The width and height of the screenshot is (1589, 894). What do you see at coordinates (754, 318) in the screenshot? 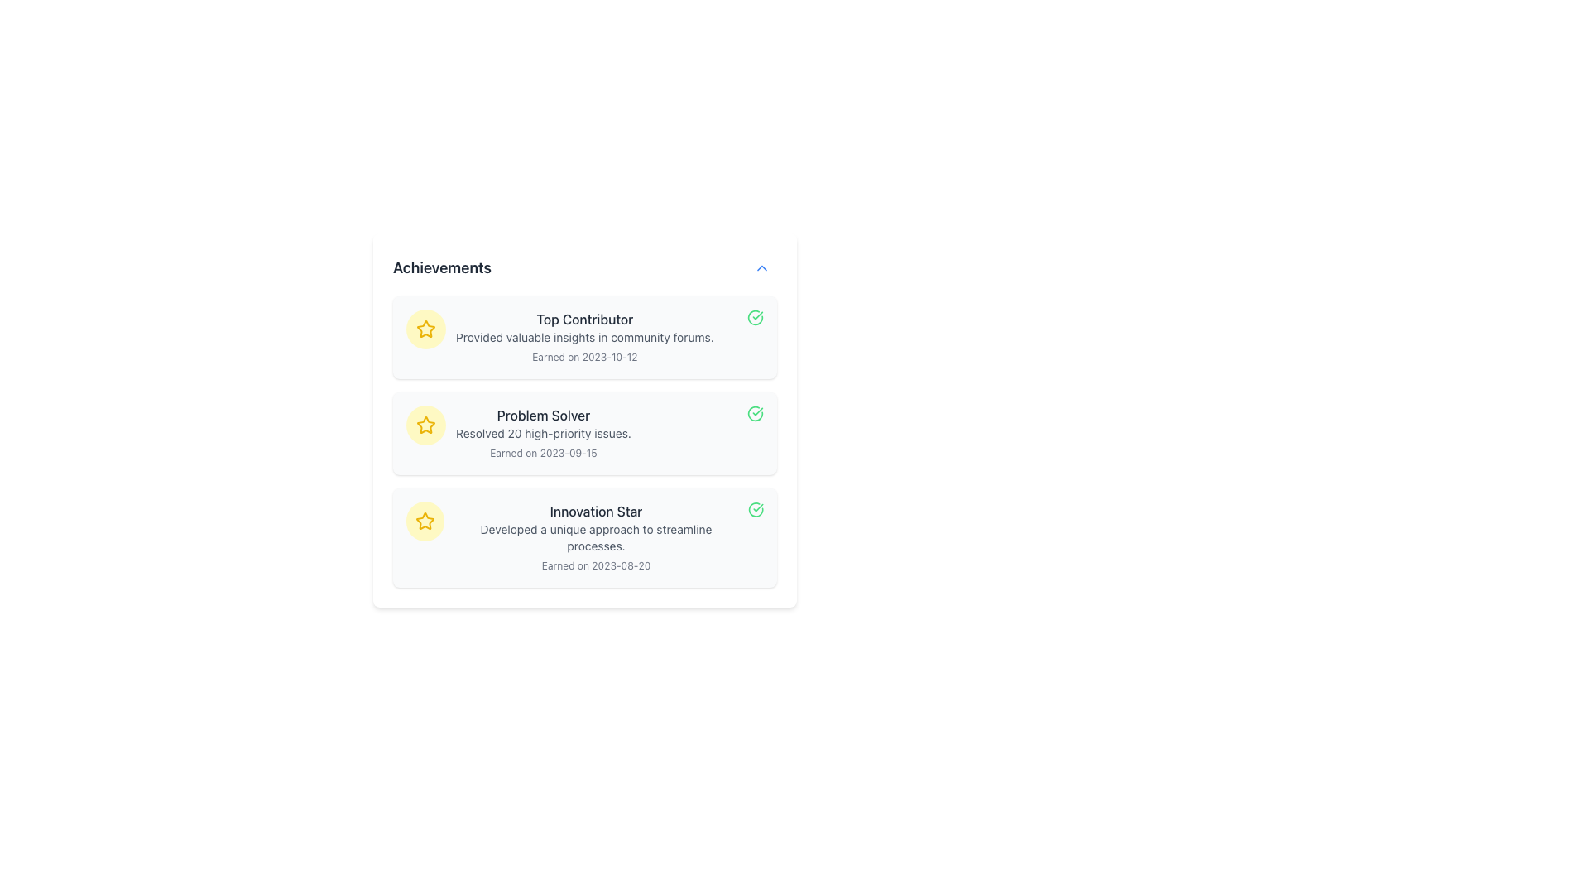
I see `the Circular status icon with a green checkmark located at the top right corner of the 'Top Contributor' section to inspect its details` at bounding box center [754, 318].